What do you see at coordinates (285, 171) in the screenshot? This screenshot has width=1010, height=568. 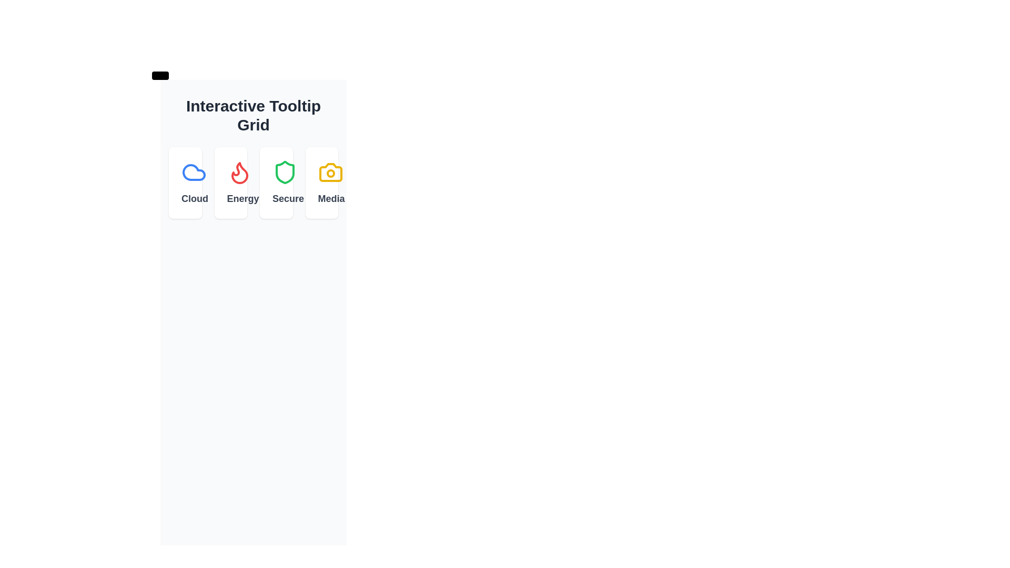 I see `the shield icon with a green outline located within the 'Secure' card, which is the third item in the horizontally aligned grid of four cards in the 'Interactive Tooltip Grid'` at bounding box center [285, 171].